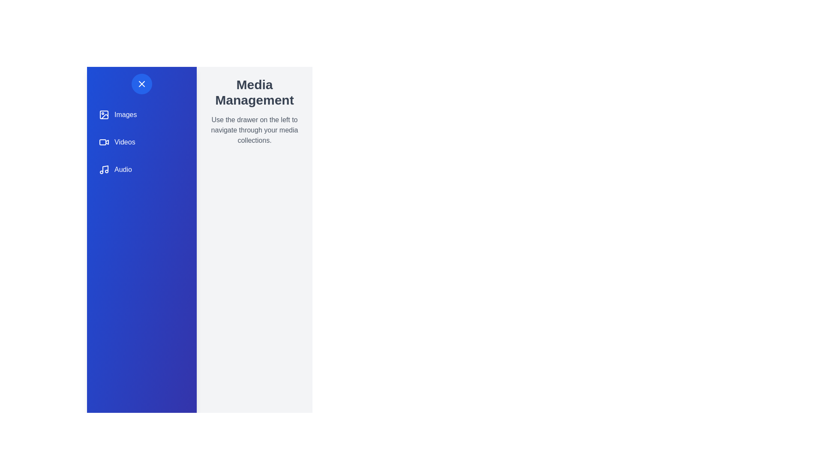  I want to click on the second navigation item in the left sidebar menu, which is positioned between 'Images' and 'Audio', so click(117, 141).